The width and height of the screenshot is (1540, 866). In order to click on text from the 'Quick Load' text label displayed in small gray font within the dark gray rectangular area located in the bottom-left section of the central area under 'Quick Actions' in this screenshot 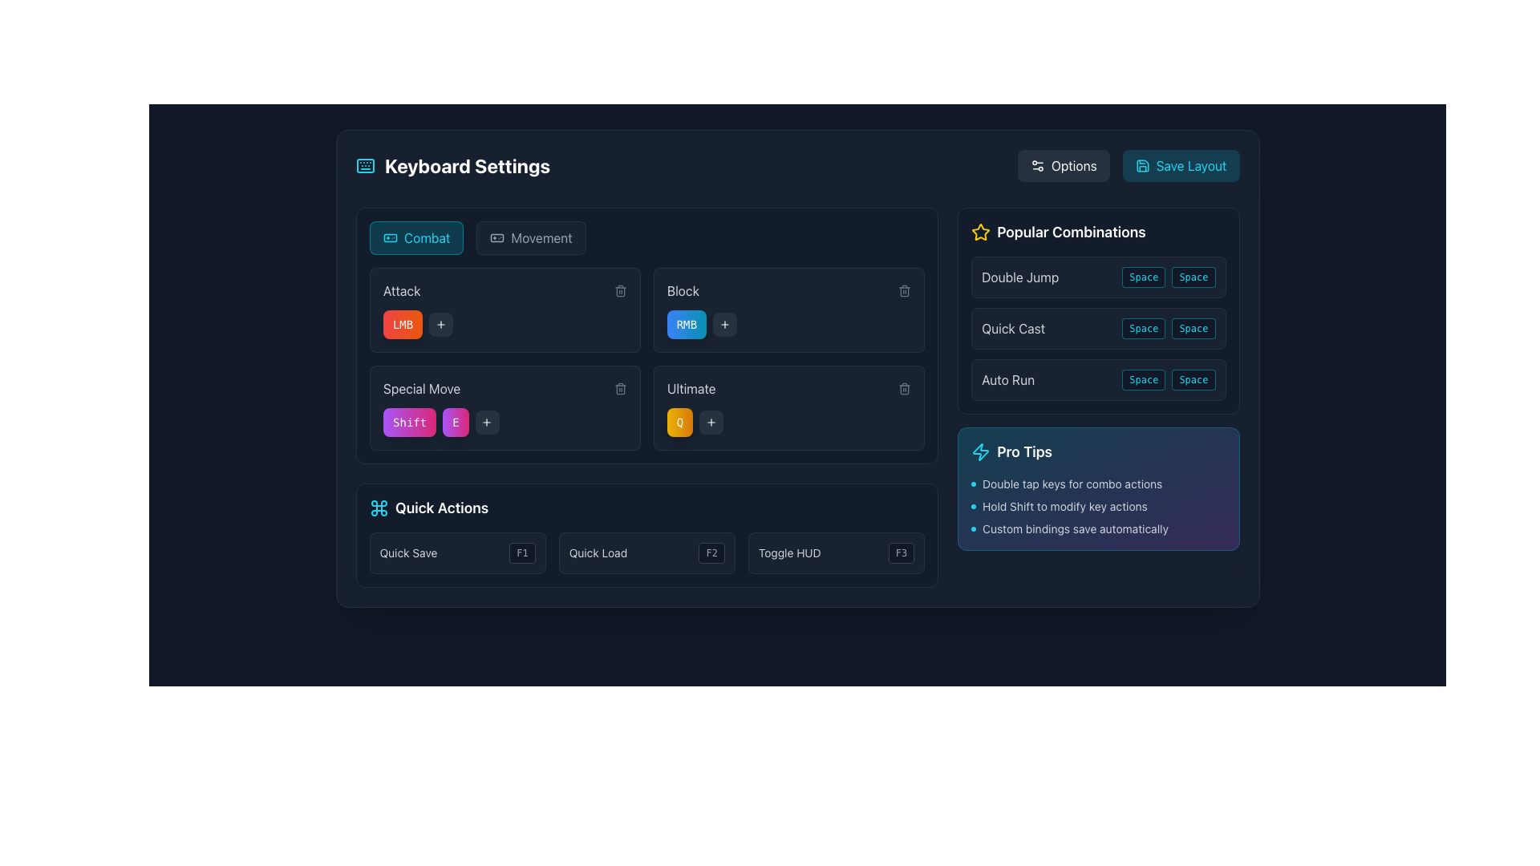, I will do `click(597, 552)`.